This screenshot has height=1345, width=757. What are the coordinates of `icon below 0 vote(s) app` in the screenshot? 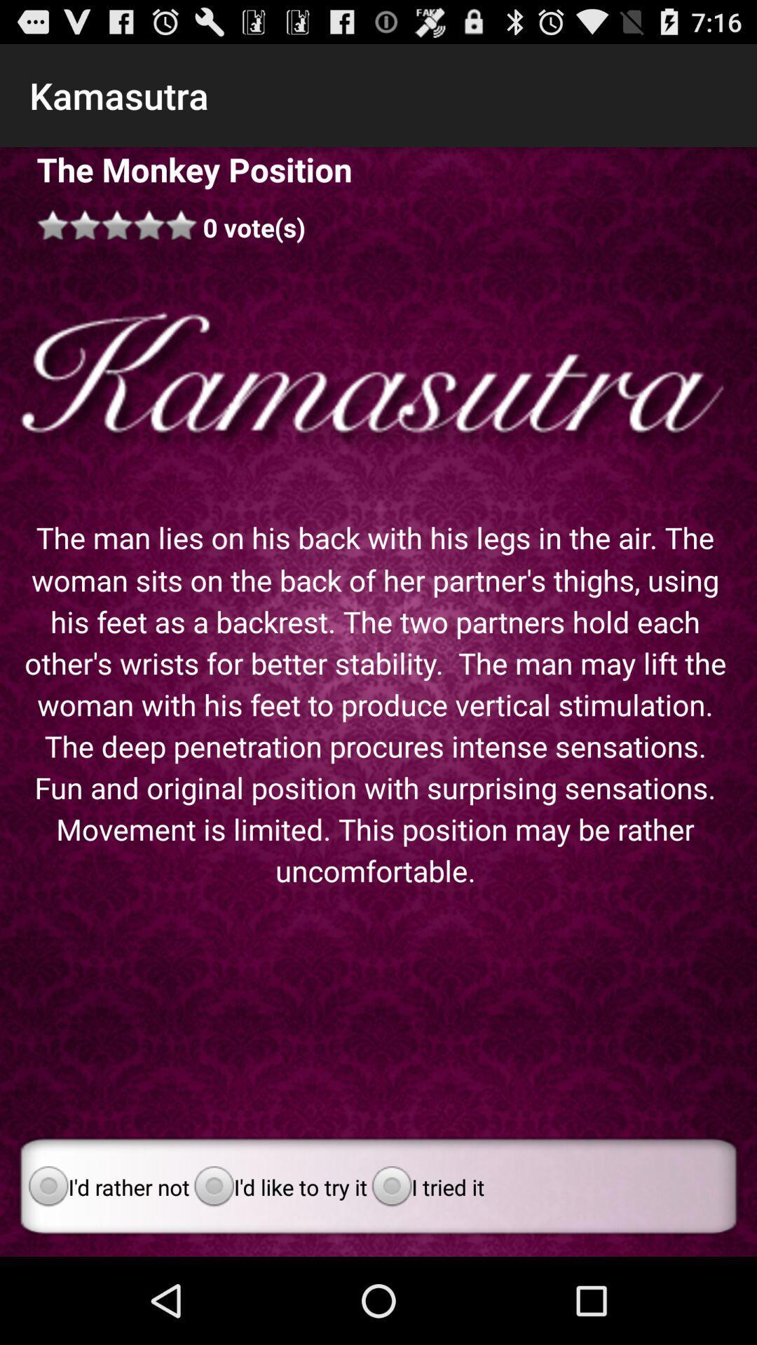 It's located at (378, 381).